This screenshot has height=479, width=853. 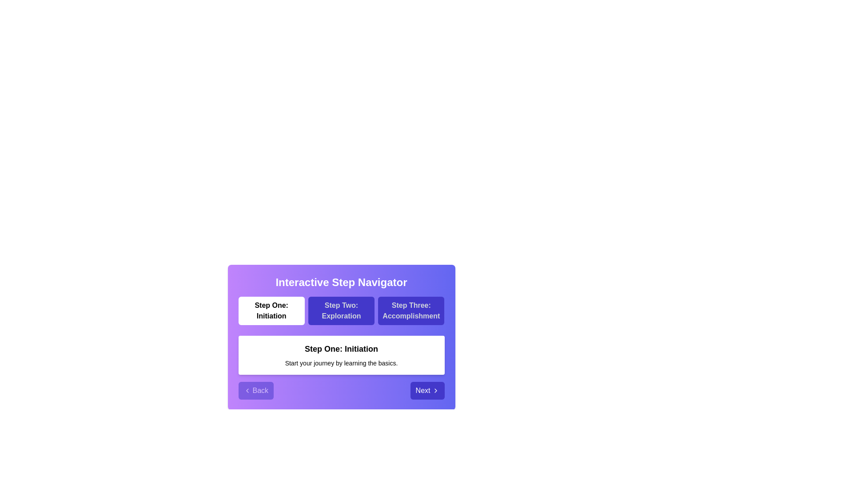 What do you see at coordinates (341, 310) in the screenshot?
I see `the step labeled Step Two: Exploration to navigate to it` at bounding box center [341, 310].